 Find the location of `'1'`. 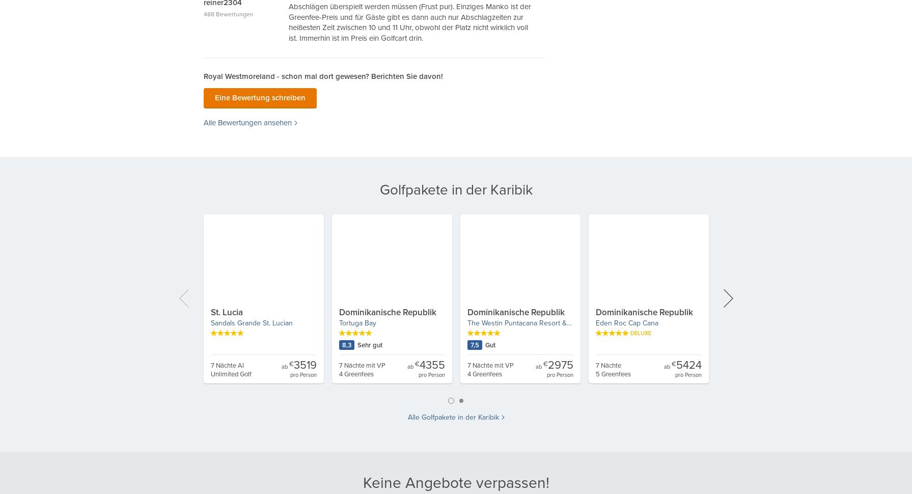

'1' is located at coordinates (453, 404).